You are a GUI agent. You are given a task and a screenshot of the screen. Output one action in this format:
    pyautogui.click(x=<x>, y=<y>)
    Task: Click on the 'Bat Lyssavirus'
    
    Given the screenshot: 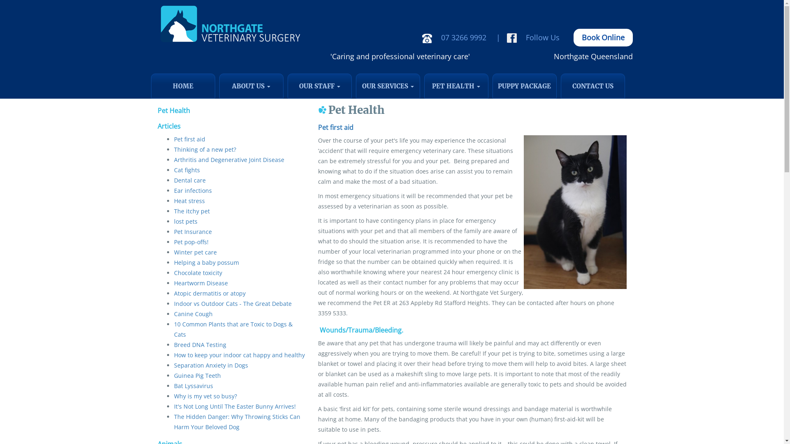 What is the action you would take?
    pyautogui.click(x=193, y=386)
    